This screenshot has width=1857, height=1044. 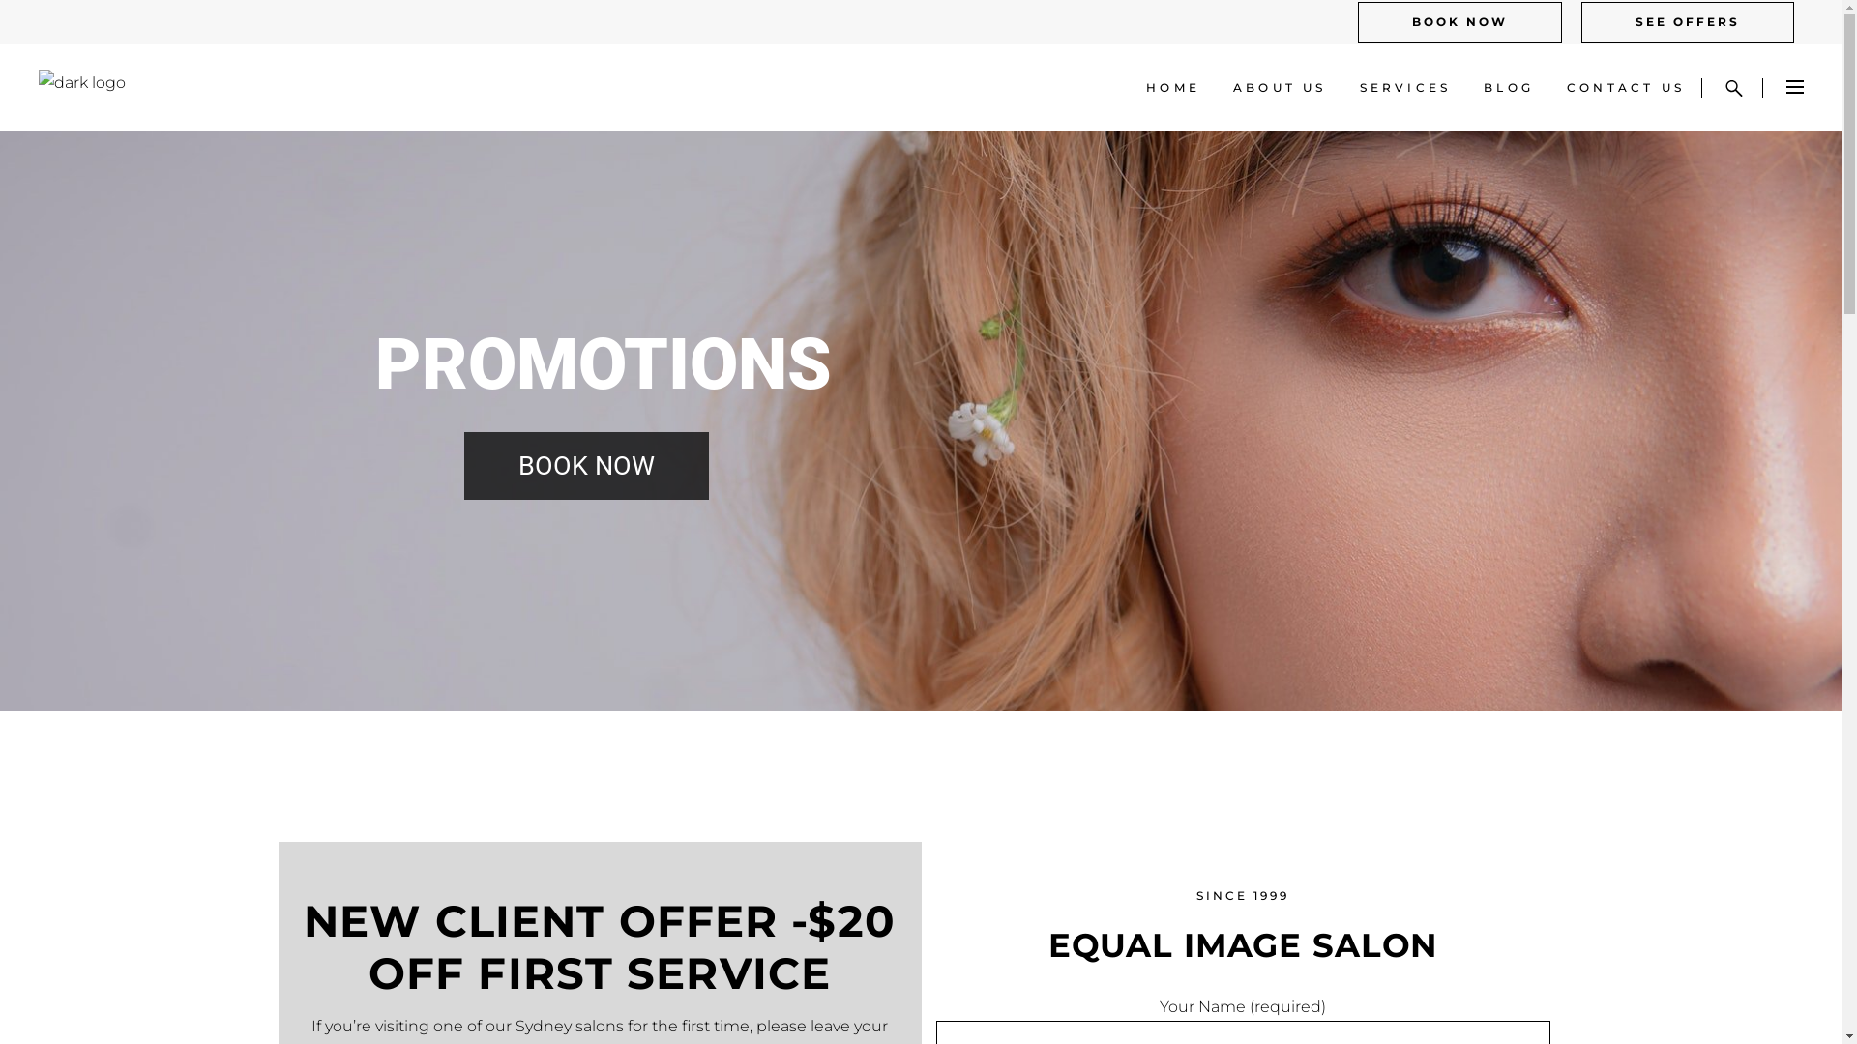 I want to click on 'SERVICES', so click(x=1405, y=88).